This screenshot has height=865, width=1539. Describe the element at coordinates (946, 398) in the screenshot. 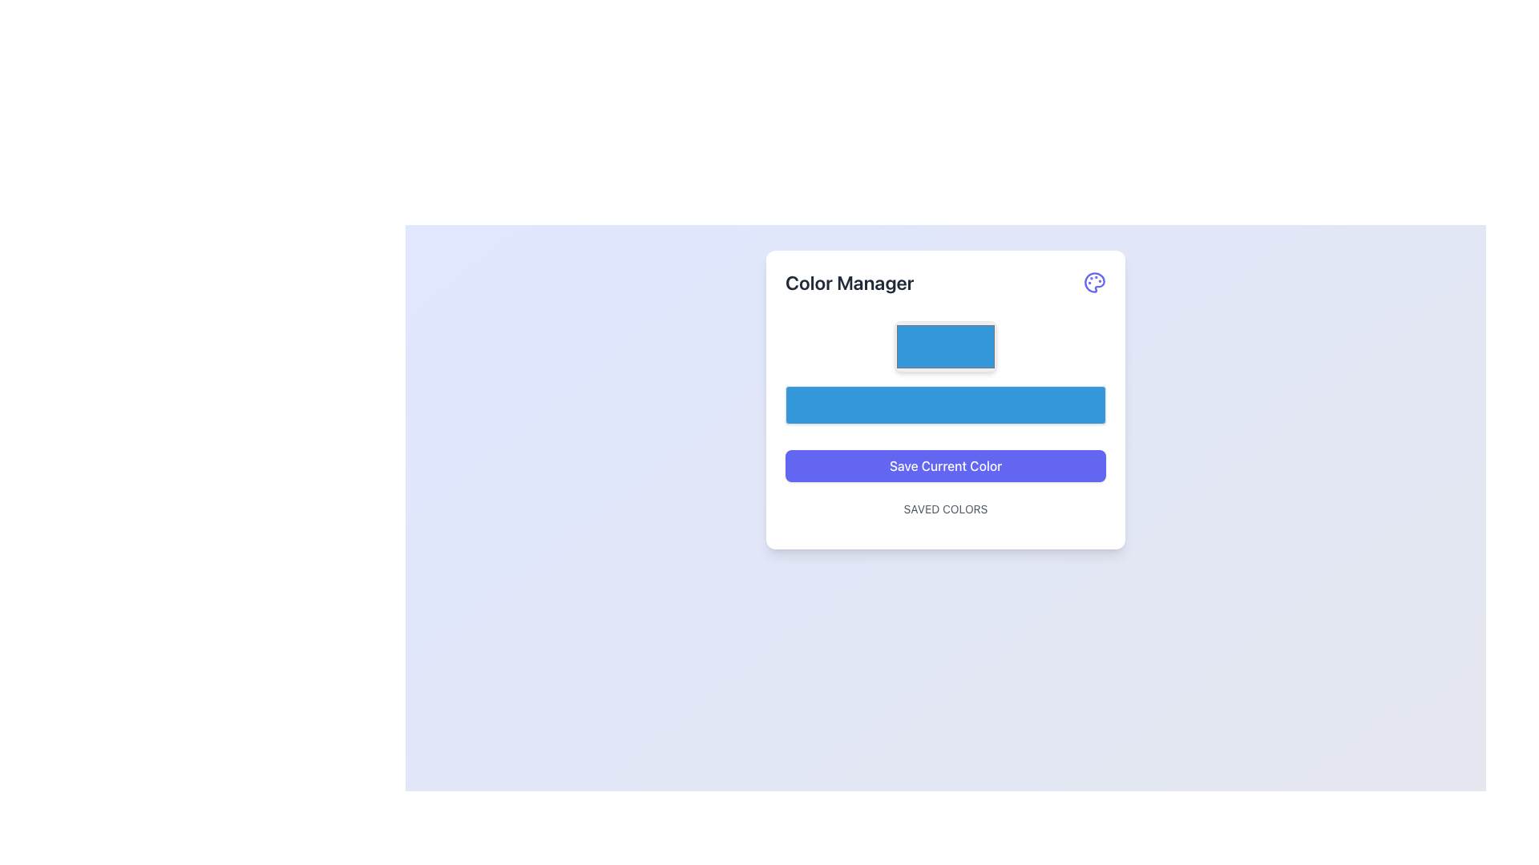

I see `the 'Color Manager' panel which has a white background, rounded corners, and contains multiple UI components including a 'Save Current Color' button` at that location.